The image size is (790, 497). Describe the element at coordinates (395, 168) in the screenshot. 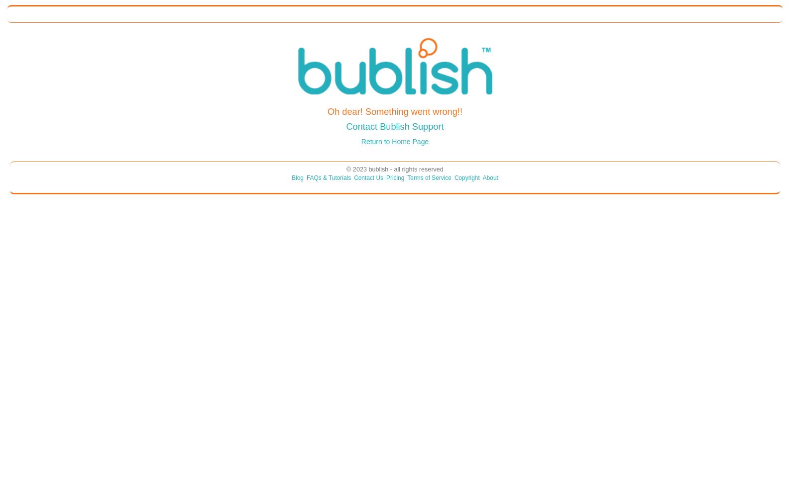

I see `'© 2023 bublish - all rights reserved'` at that location.